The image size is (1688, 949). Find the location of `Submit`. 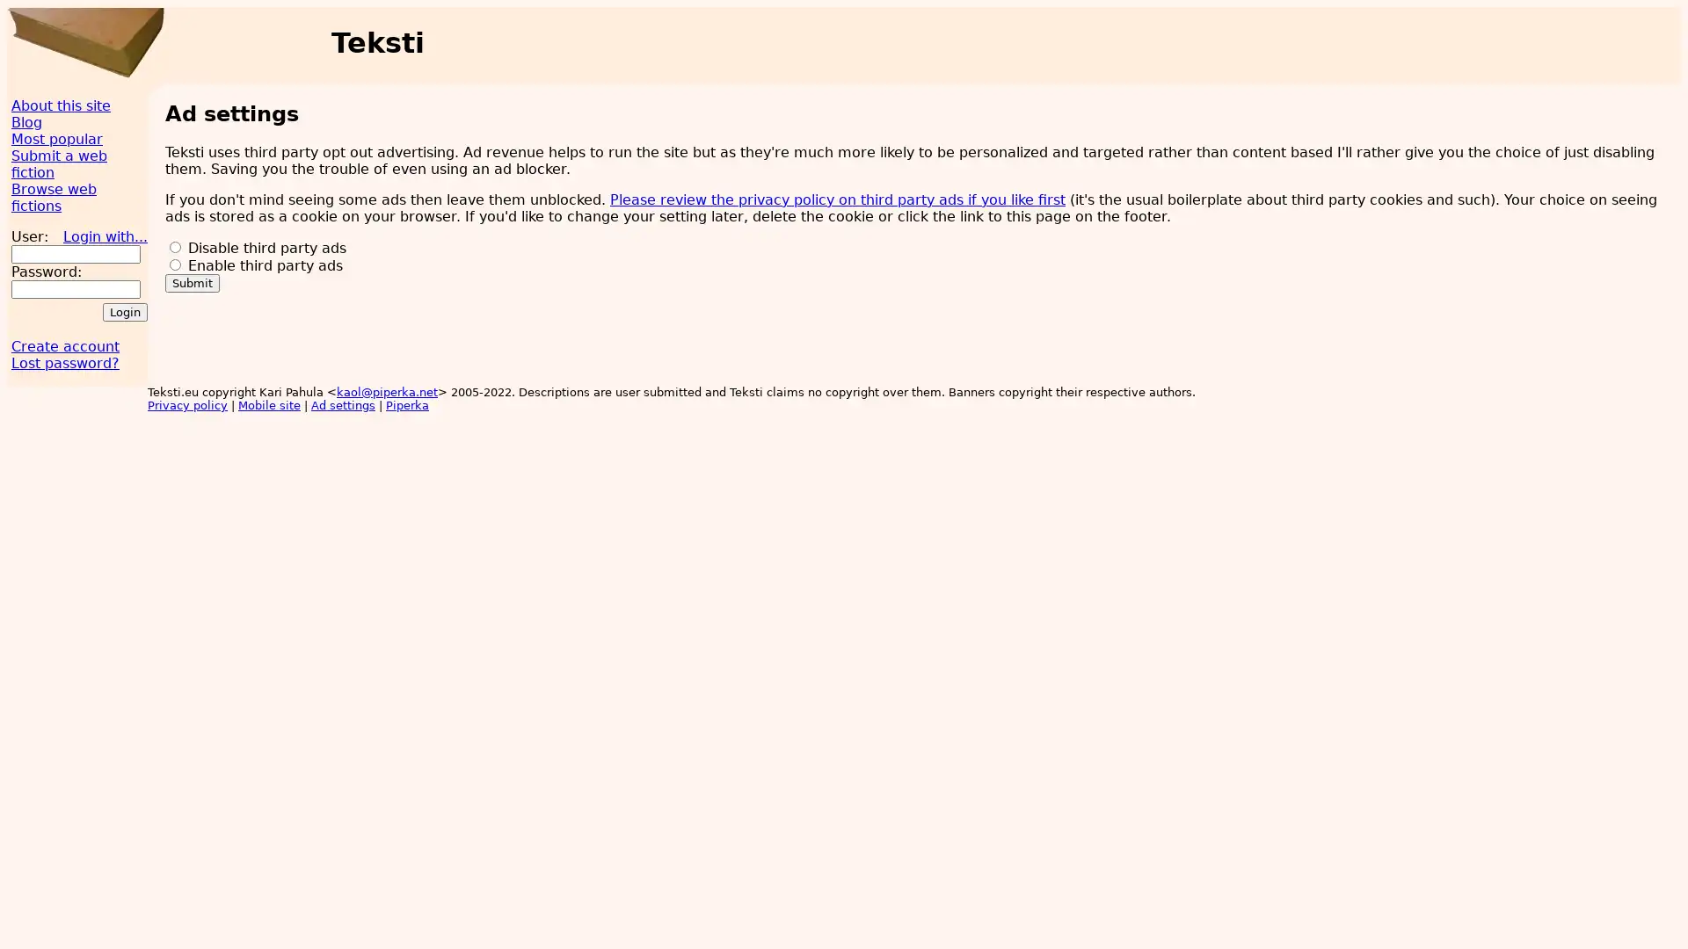

Submit is located at coordinates (193, 281).